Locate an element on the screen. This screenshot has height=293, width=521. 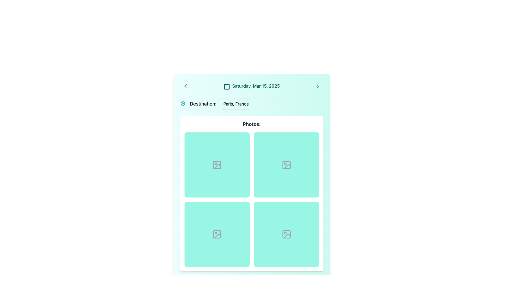
the Text label that introduces the destination information, positioned between a location pin icon and the label 'Paris, France' is located at coordinates (203, 104).